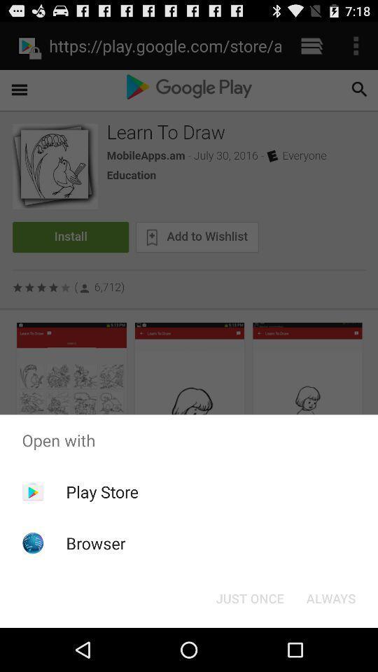  Describe the element at coordinates (249, 597) in the screenshot. I see `the icon below open with app` at that location.